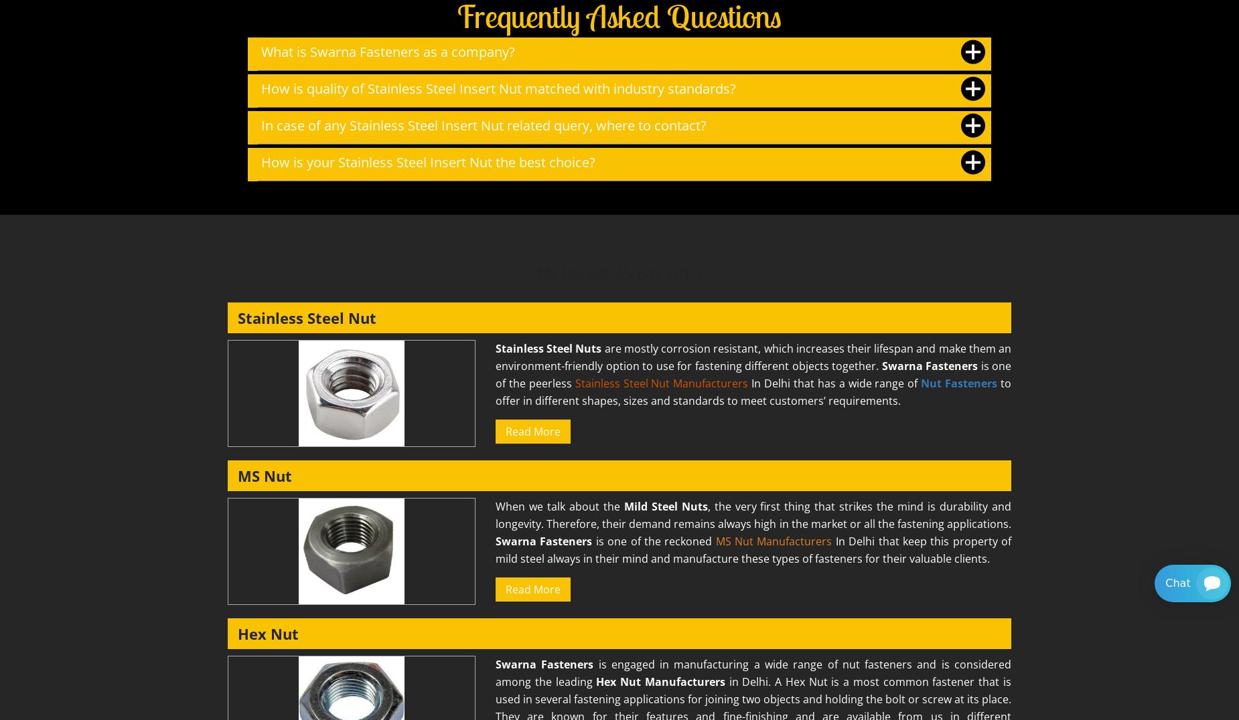  What do you see at coordinates (388, 52) in the screenshot?
I see `'What is Swarna Fasteners as a company?'` at bounding box center [388, 52].